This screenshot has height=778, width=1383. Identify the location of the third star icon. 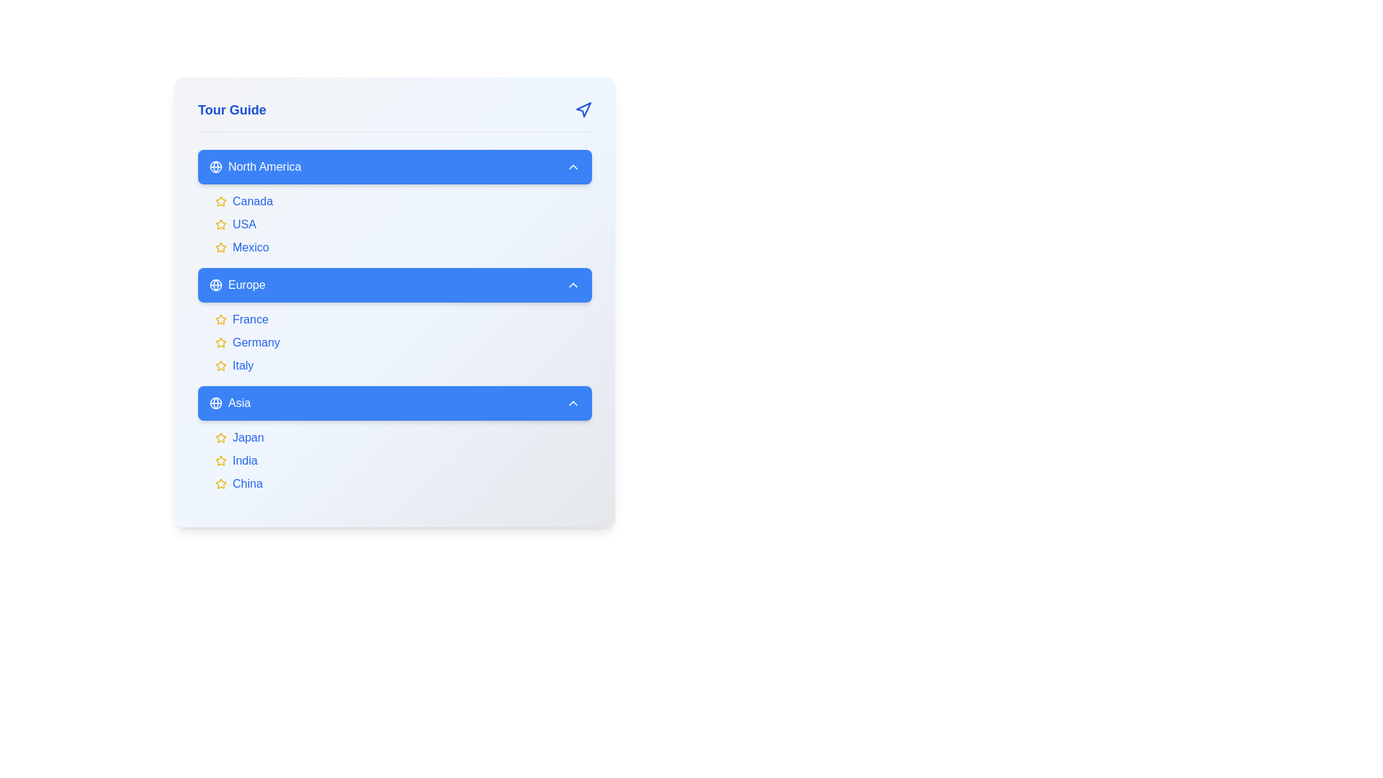
(220, 246).